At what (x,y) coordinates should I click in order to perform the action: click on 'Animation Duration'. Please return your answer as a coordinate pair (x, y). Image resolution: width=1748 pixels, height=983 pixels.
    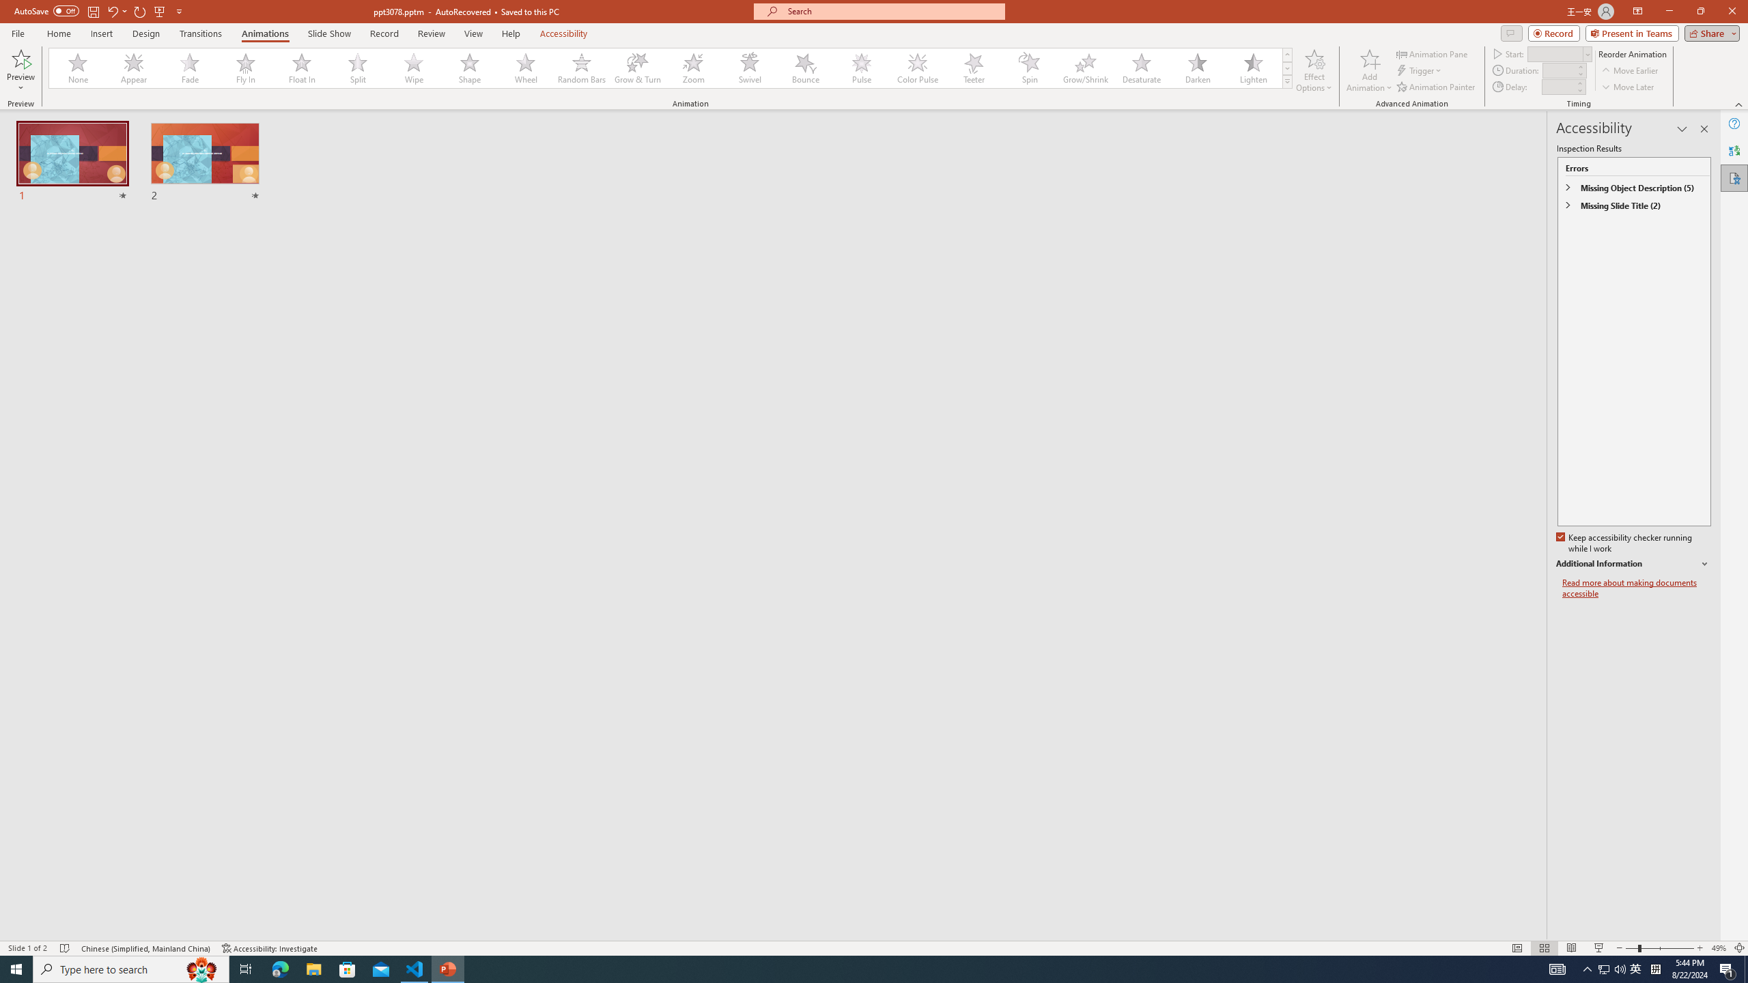
    Looking at the image, I should click on (1558, 70).